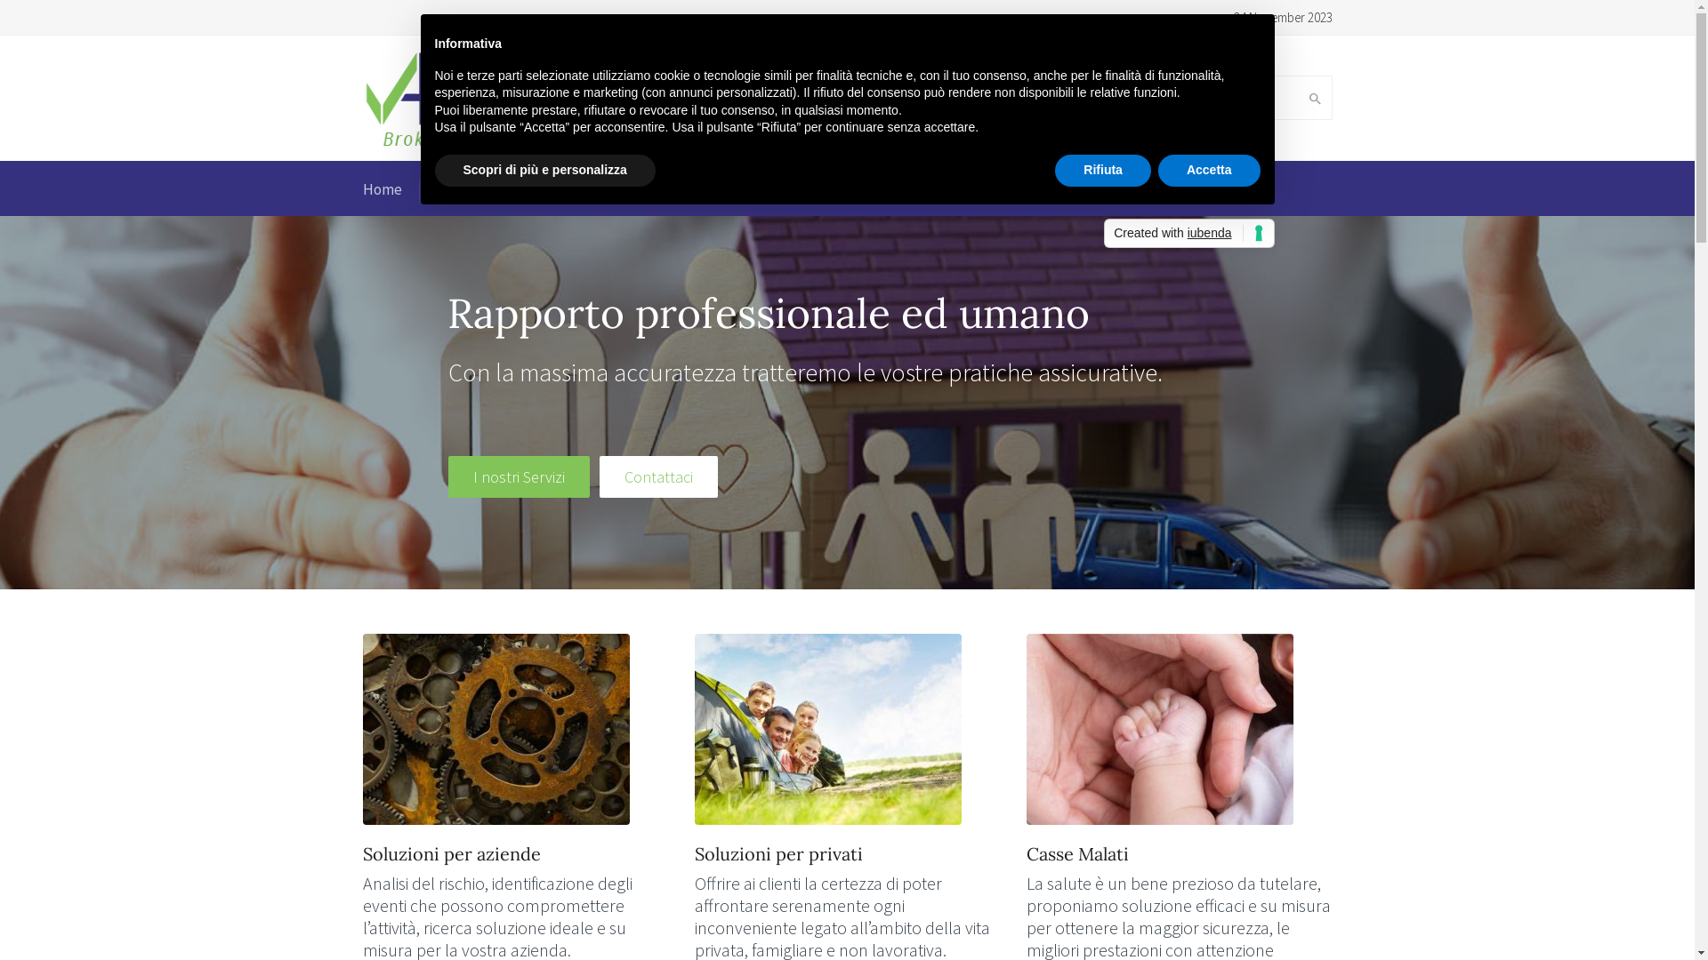 The width and height of the screenshot is (1708, 960). What do you see at coordinates (362, 189) in the screenshot?
I see `'Home'` at bounding box center [362, 189].